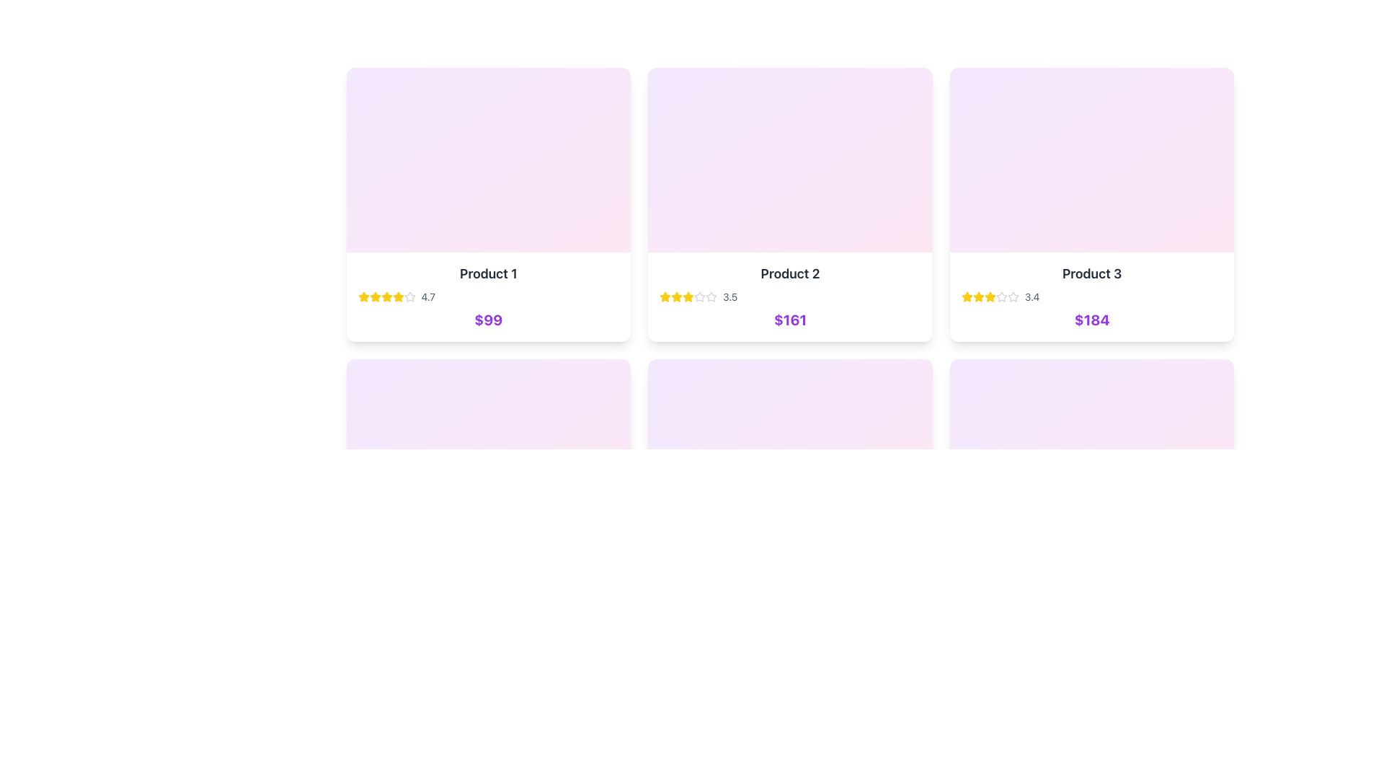 This screenshot has height=779, width=1384. I want to click on the fourth star rating icon of 'Product 3' located in the bottom-left corner of the product card, so click(1001, 296).